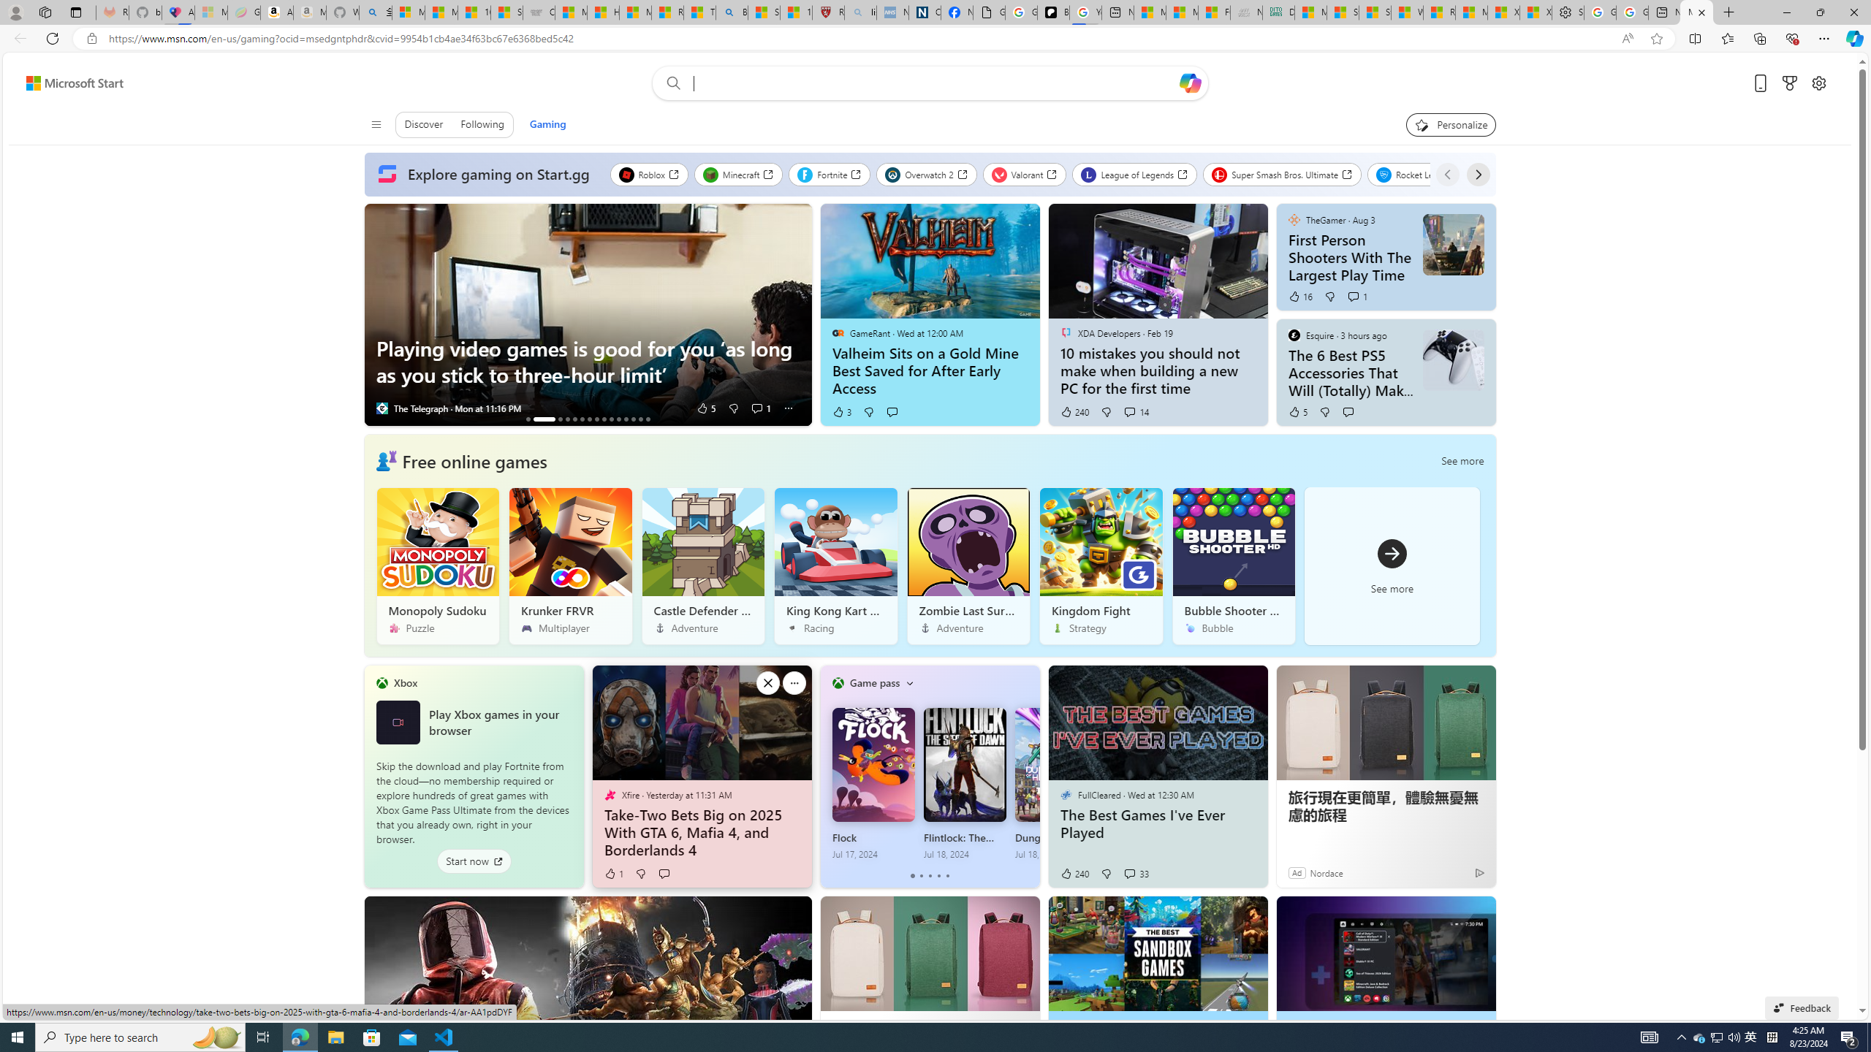 The height and width of the screenshot is (1052, 1871). What do you see at coordinates (1031, 775) in the screenshot?
I see `'Class: next-flipper'` at bounding box center [1031, 775].